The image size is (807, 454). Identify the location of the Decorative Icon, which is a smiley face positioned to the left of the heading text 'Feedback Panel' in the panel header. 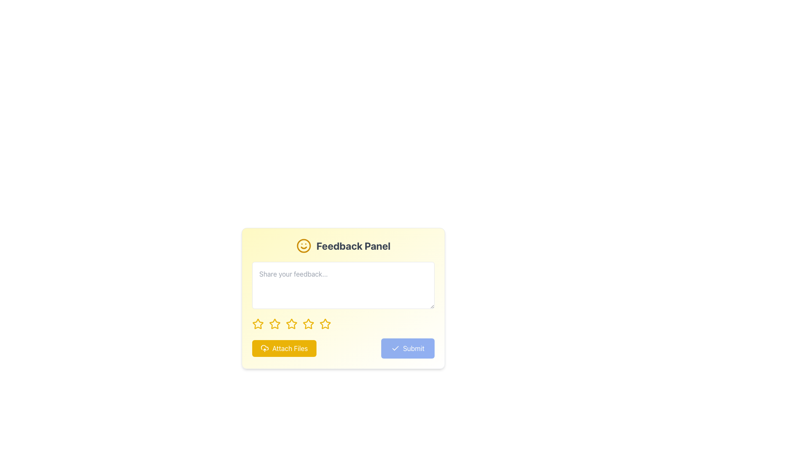
(303, 246).